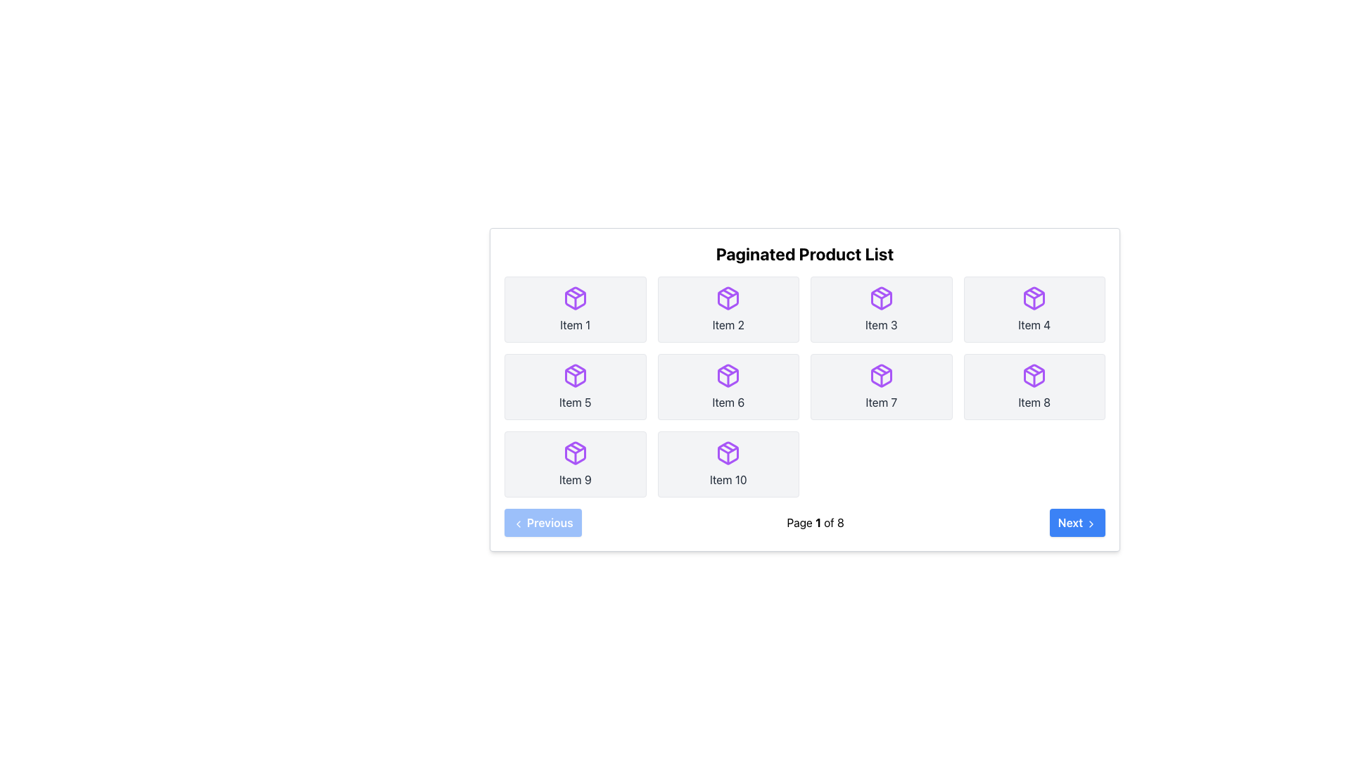 The height and width of the screenshot is (760, 1351). Describe the element at coordinates (880, 374) in the screenshot. I see `the purple 3D box icon in the second row, third column of the 'Paginated Product List' grid to interact with the corresponding item` at that location.